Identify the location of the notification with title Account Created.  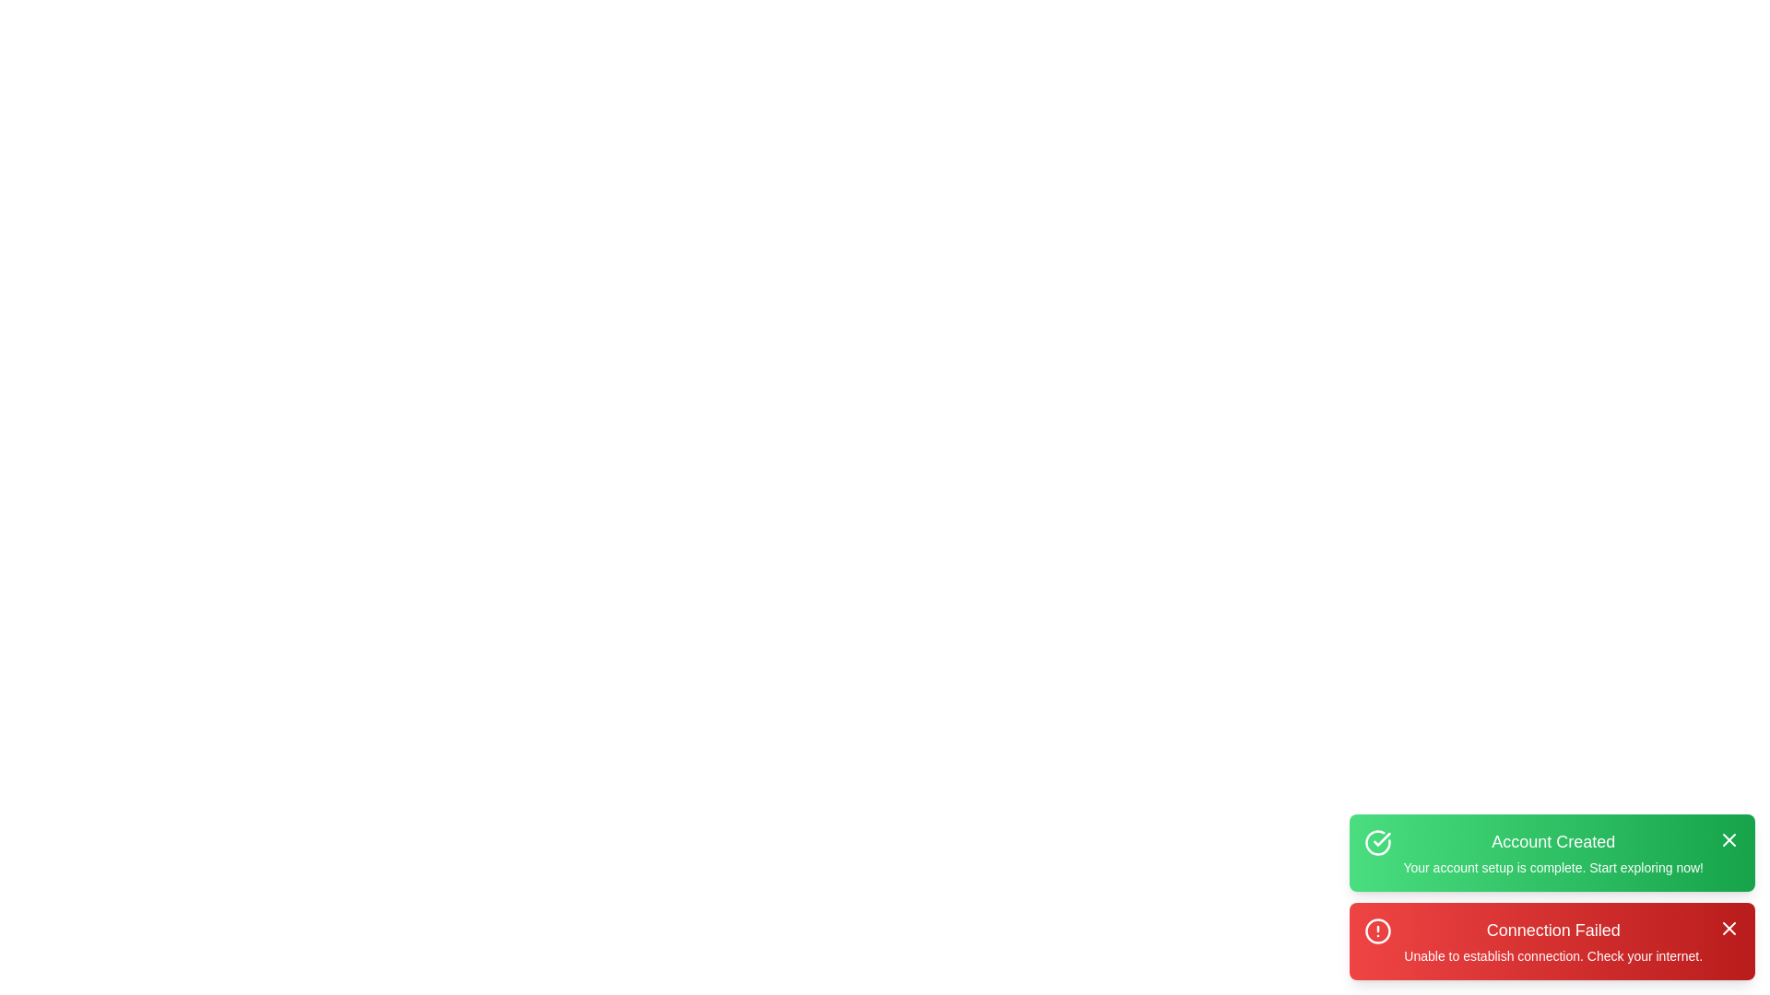
(1552, 852).